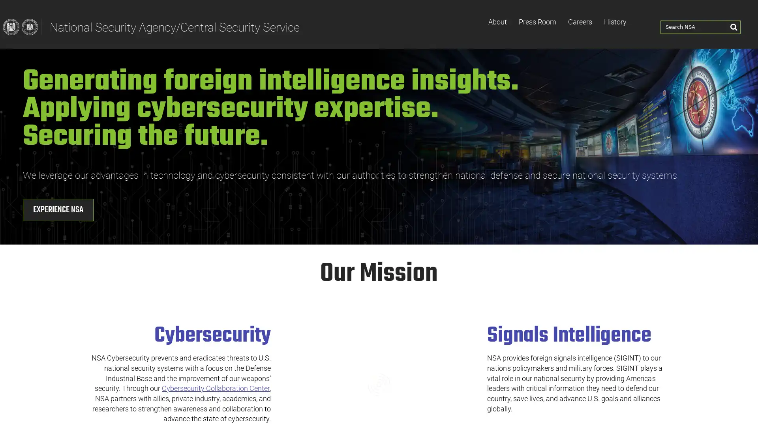 This screenshot has width=758, height=426. Describe the element at coordinates (164, 194) in the screenshot. I see `Experience NSA` at that location.